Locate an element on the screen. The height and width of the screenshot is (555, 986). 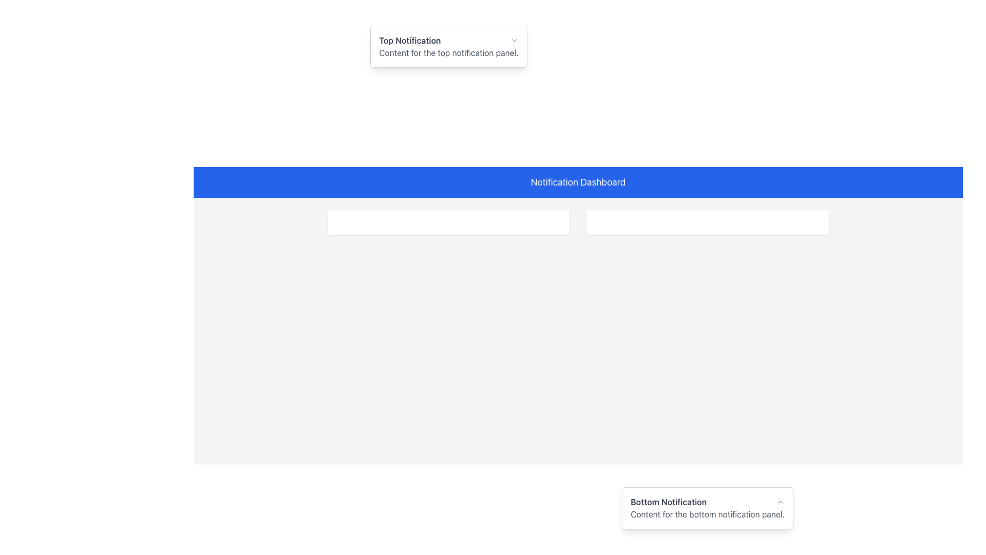
the caret icon on the Notification Panel located at the bottom-right corner of the interface is located at coordinates (707, 507).